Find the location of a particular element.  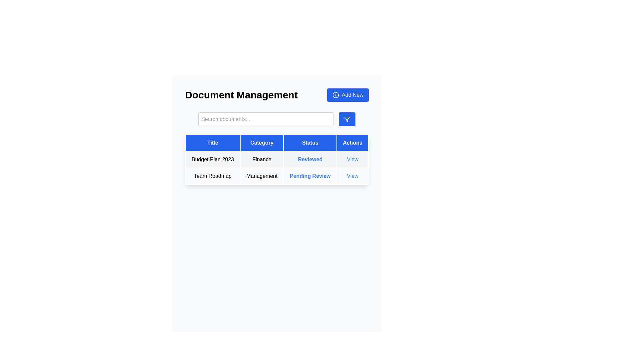

the Label/Text Display element that shows the title or description of the document entry within the table under the 'Title' header is located at coordinates (212, 176).